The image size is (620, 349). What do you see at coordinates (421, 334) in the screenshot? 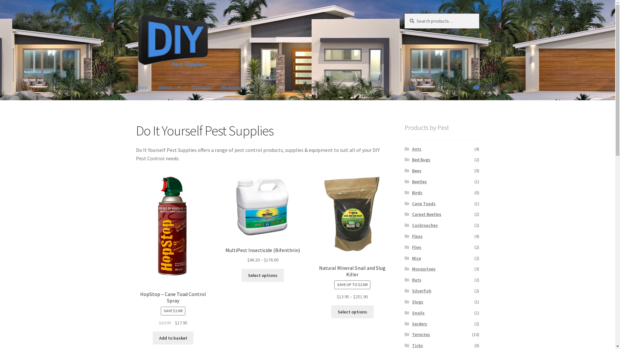
I see `'Termites'` at bounding box center [421, 334].